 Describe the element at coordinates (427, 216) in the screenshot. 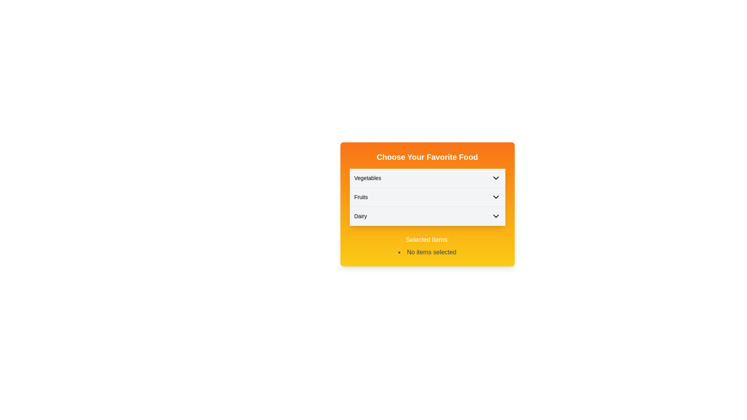

I see `the 'Dairy' row in the dropdown menu` at that location.